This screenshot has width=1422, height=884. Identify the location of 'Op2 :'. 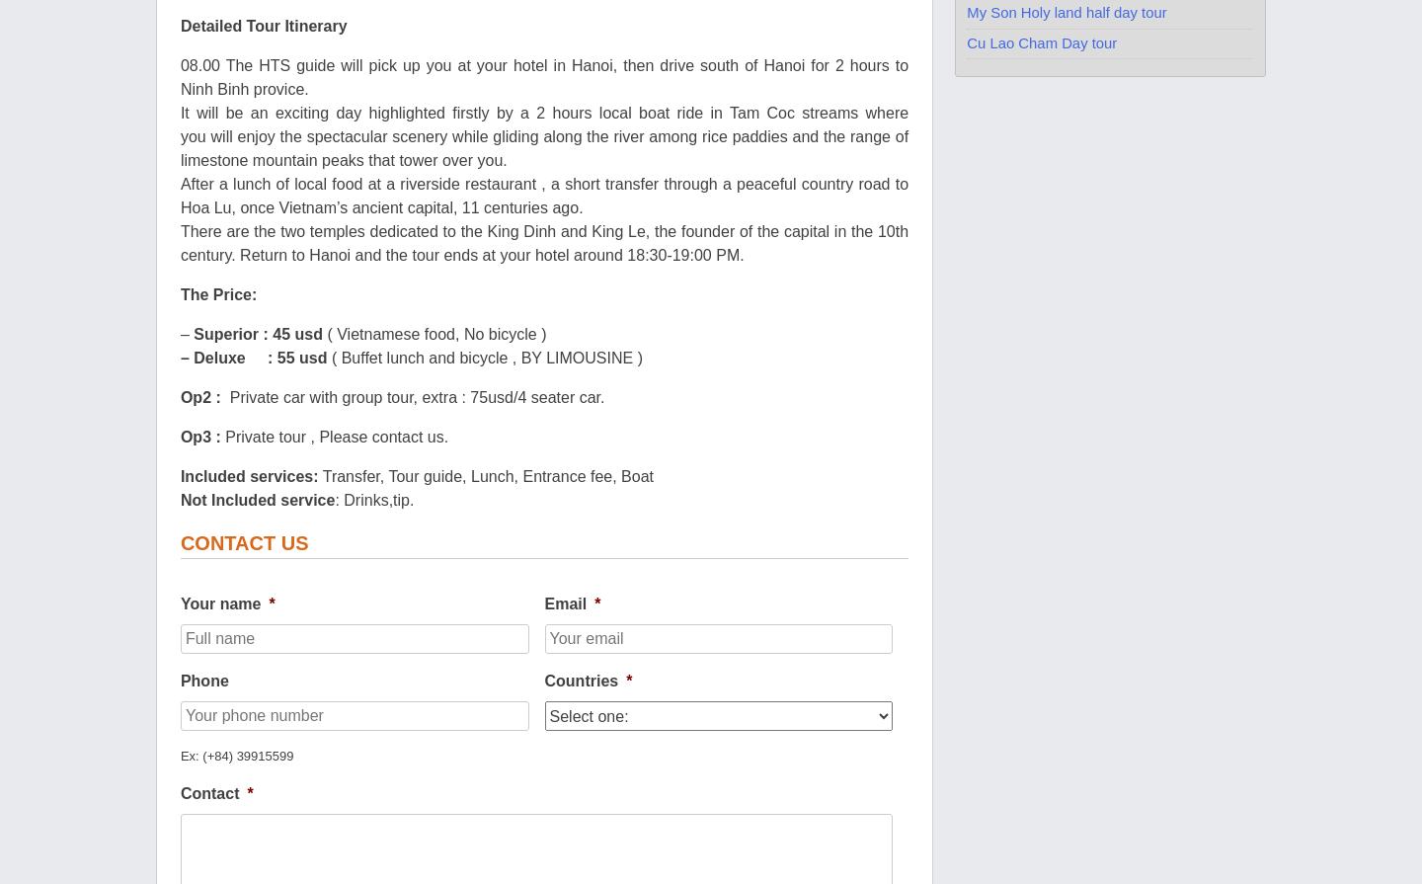
(203, 397).